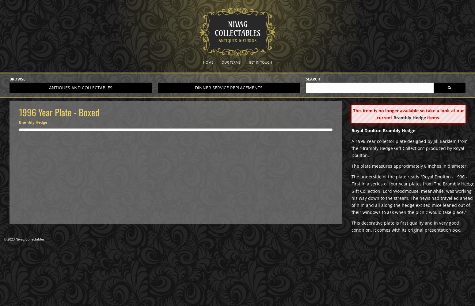  What do you see at coordinates (80, 88) in the screenshot?
I see `'Antiques and collectables'` at bounding box center [80, 88].